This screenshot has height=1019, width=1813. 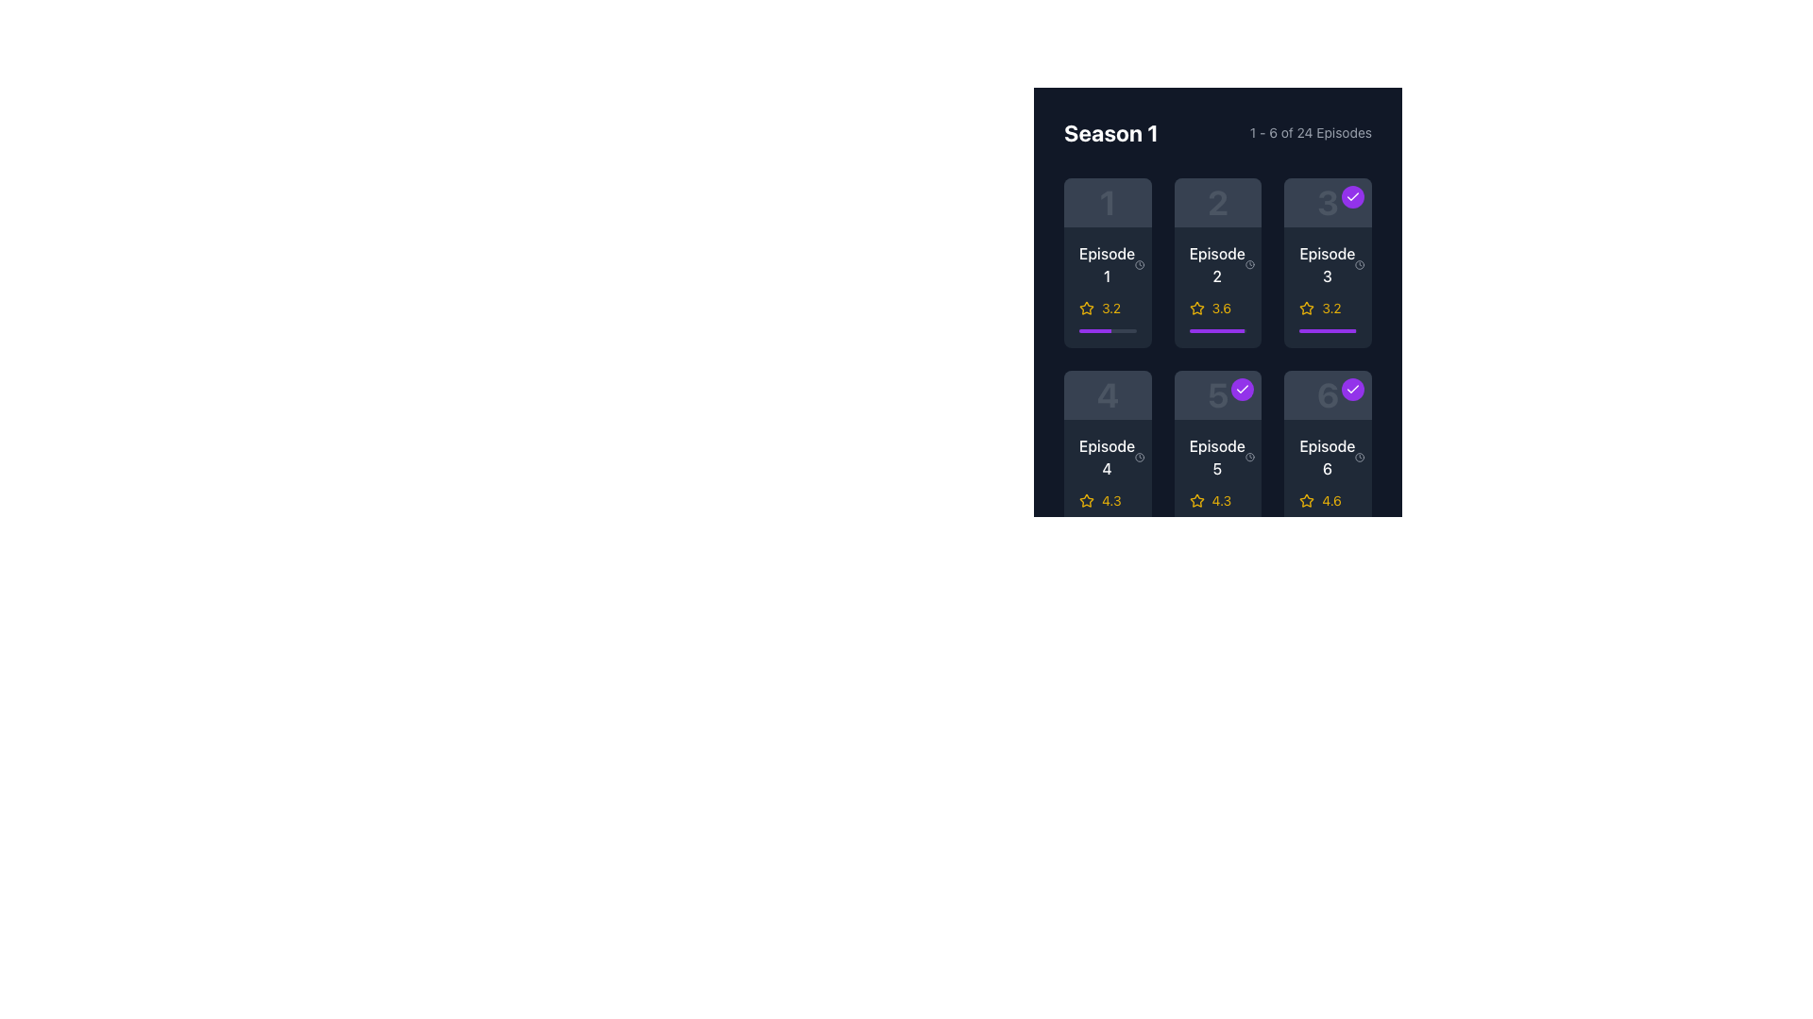 I want to click on the Progress bar located at the bottom of the card for 'Episode 4', which visually represents progress and is aligned with the yellow star rating, so click(x=1108, y=524).